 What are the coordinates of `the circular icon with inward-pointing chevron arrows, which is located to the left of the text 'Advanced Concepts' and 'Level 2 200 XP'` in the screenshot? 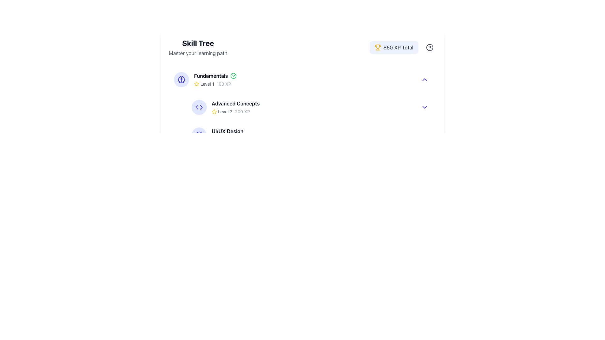 It's located at (199, 107).